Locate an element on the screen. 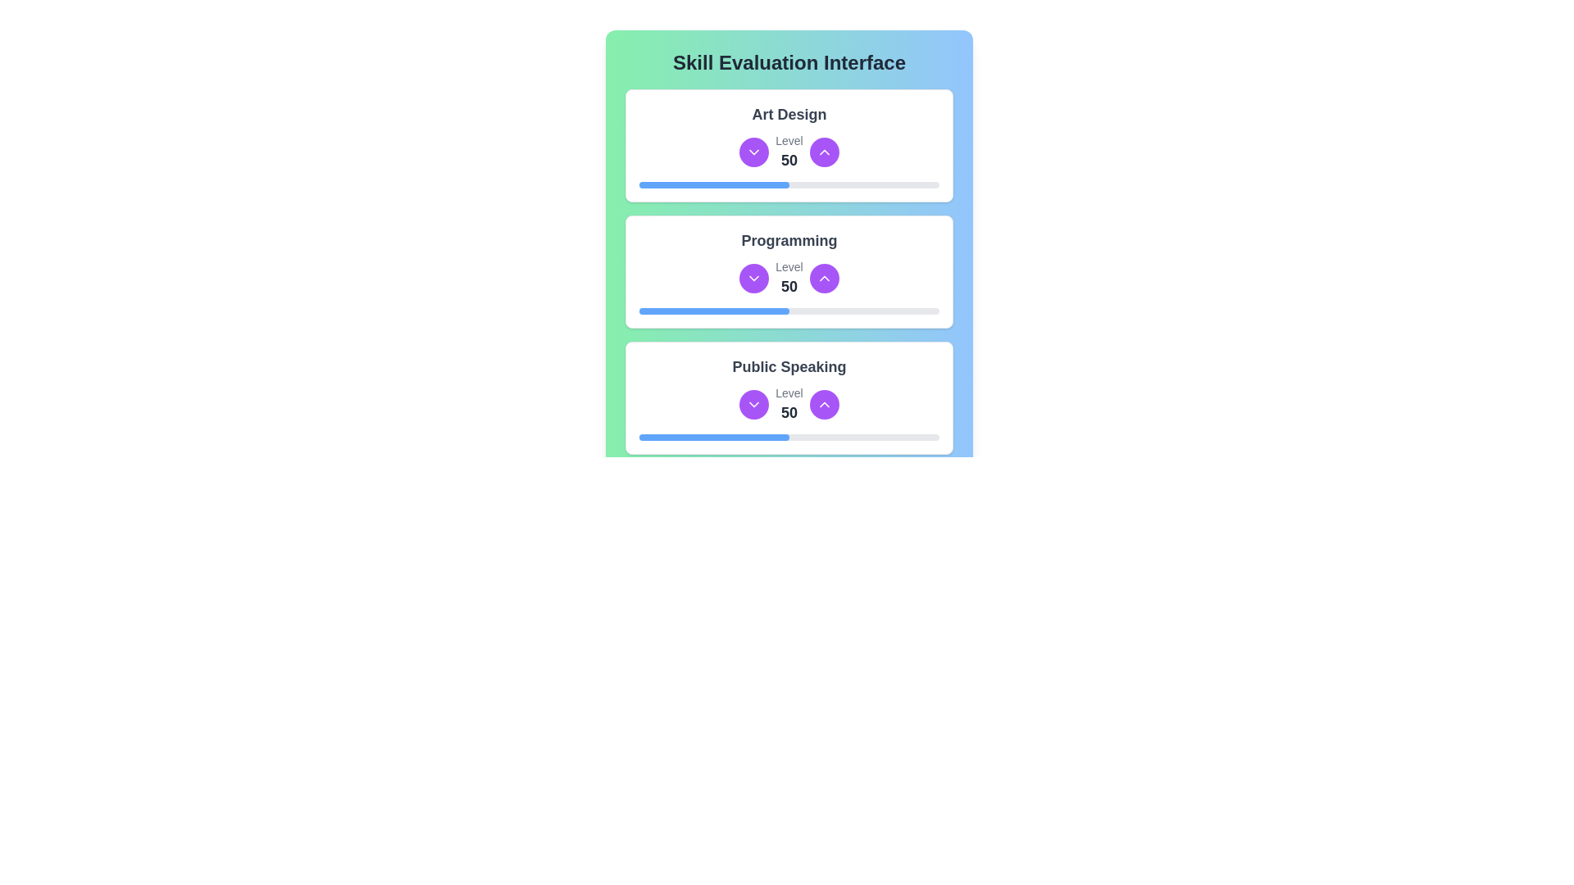 Image resolution: width=1574 pixels, height=885 pixels. the slider value is located at coordinates (769, 436).